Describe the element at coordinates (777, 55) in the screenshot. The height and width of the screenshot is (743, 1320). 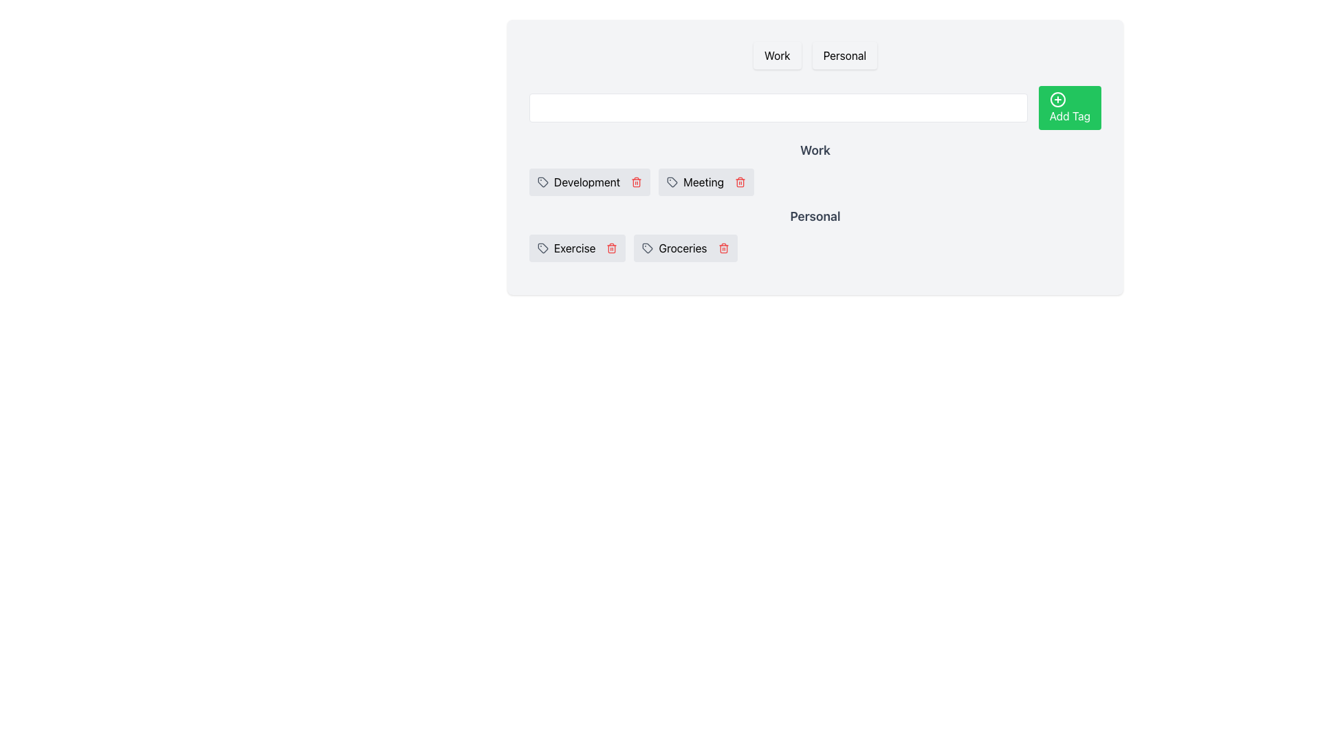
I see `the 'Work' button, which is a rounded rectangular button with bold text, located at the upper portion of the interface next to the 'Personal' button` at that location.